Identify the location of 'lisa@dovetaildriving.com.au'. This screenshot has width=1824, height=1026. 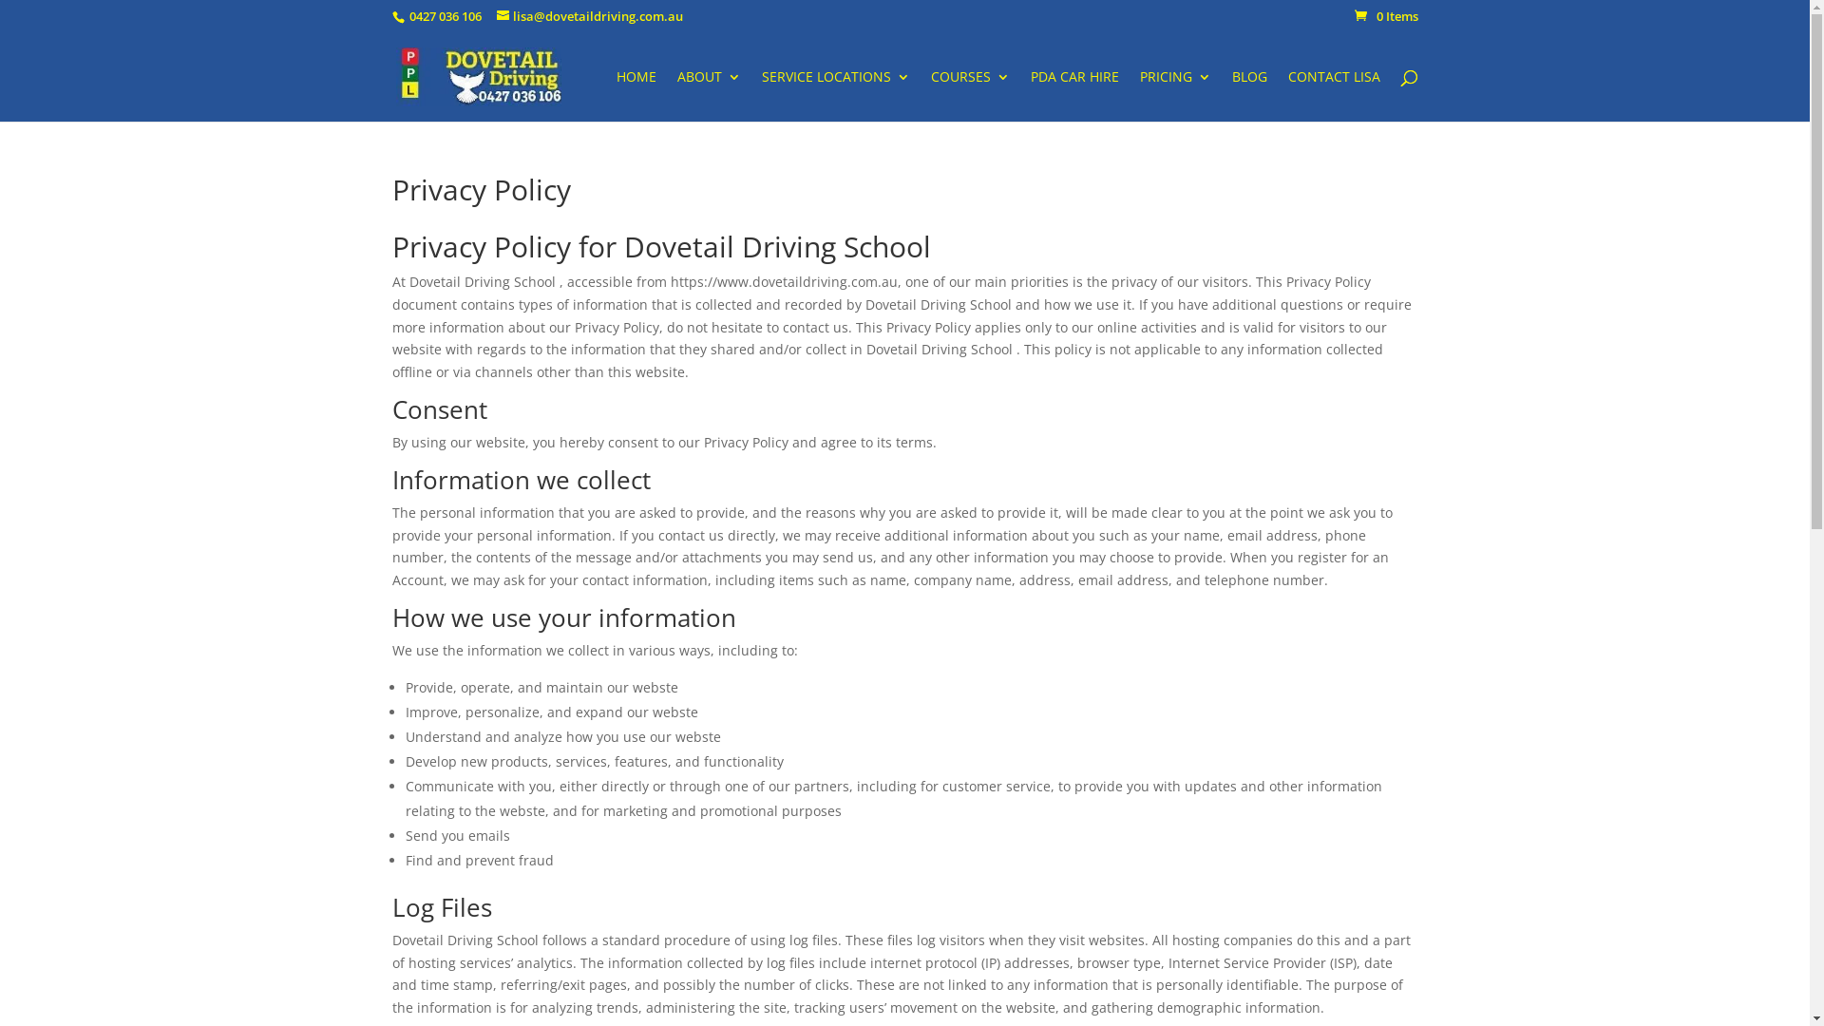
(587, 15).